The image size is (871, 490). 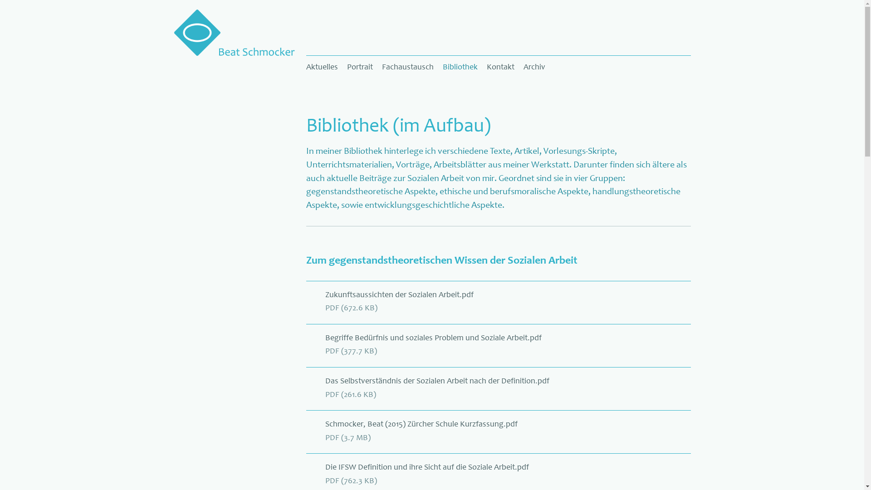 What do you see at coordinates (306, 66) in the screenshot?
I see `'Aktuelles'` at bounding box center [306, 66].